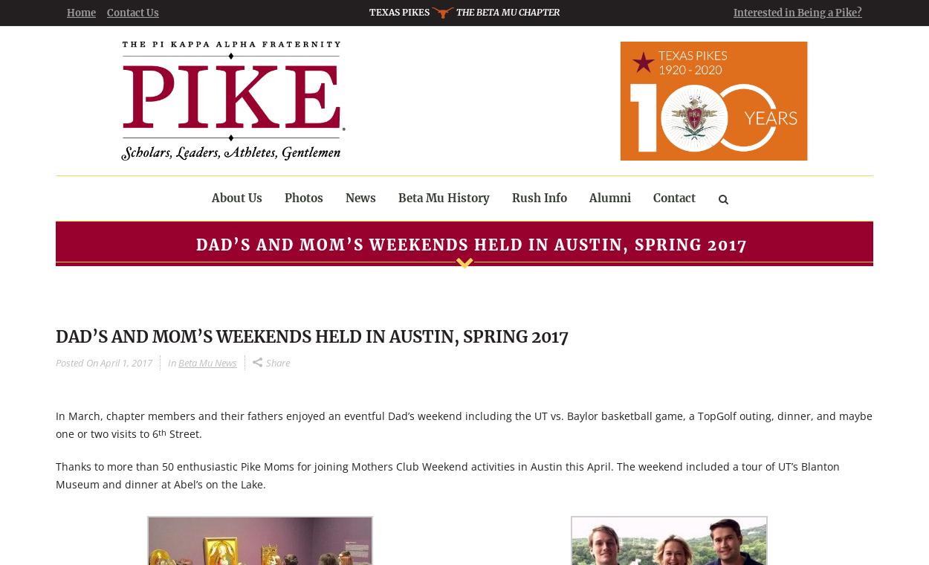 The width and height of the screenshot is (929, 565). Describe the element at coordinates (125, 362) in the screenshot. I see `'April 1, 2017'` at that location.